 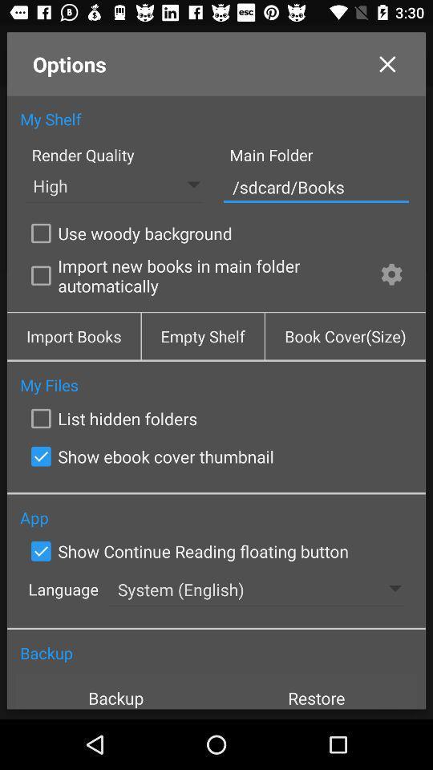 I want to click on the checkbox below the list hidden folders icon, so click(x=149, y=456).